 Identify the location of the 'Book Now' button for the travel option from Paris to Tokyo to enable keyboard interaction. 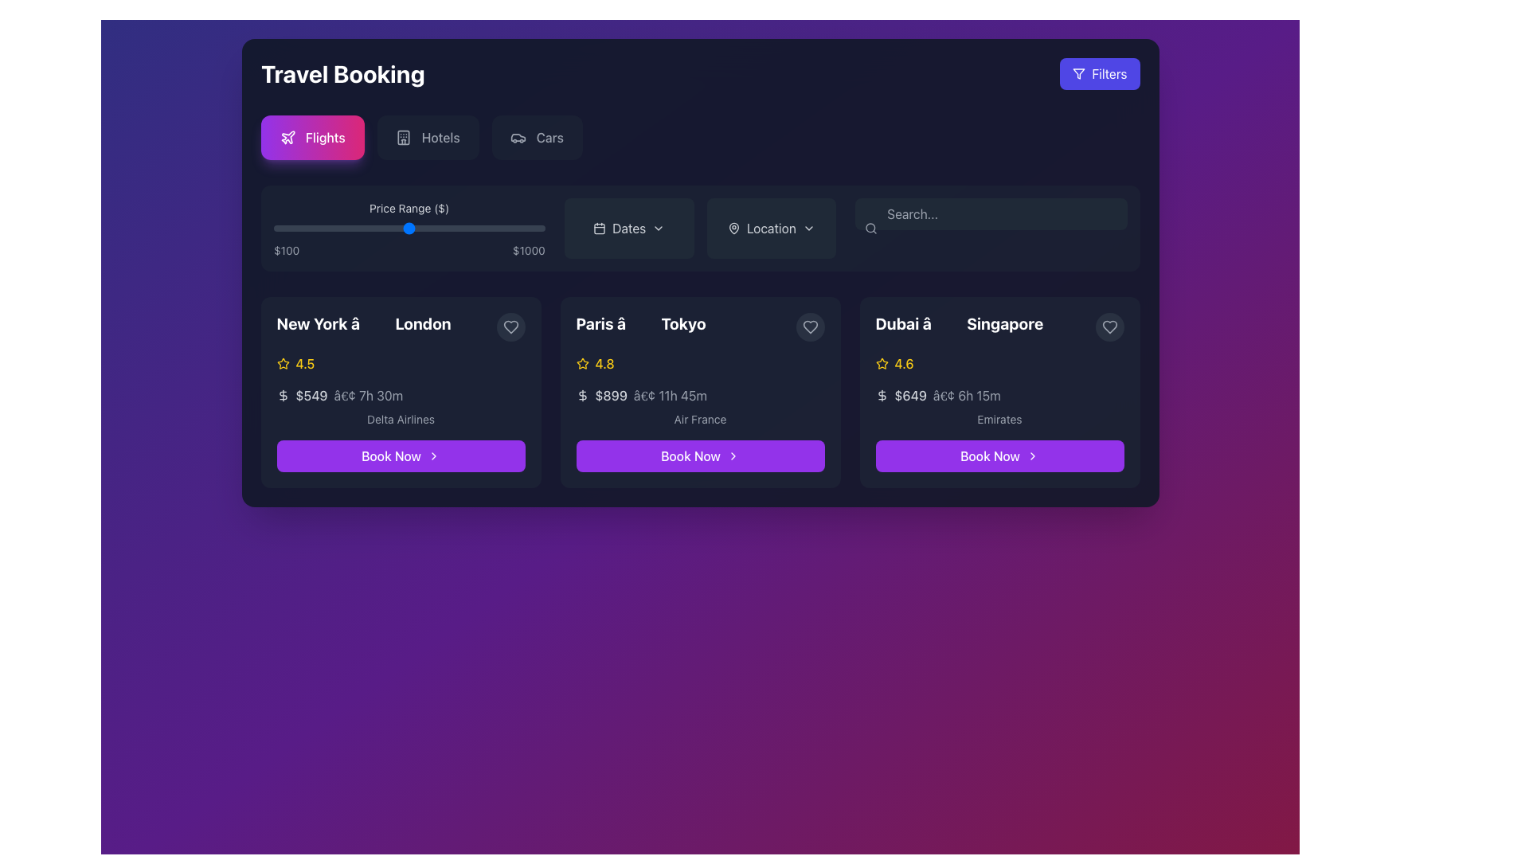
(690, 456).